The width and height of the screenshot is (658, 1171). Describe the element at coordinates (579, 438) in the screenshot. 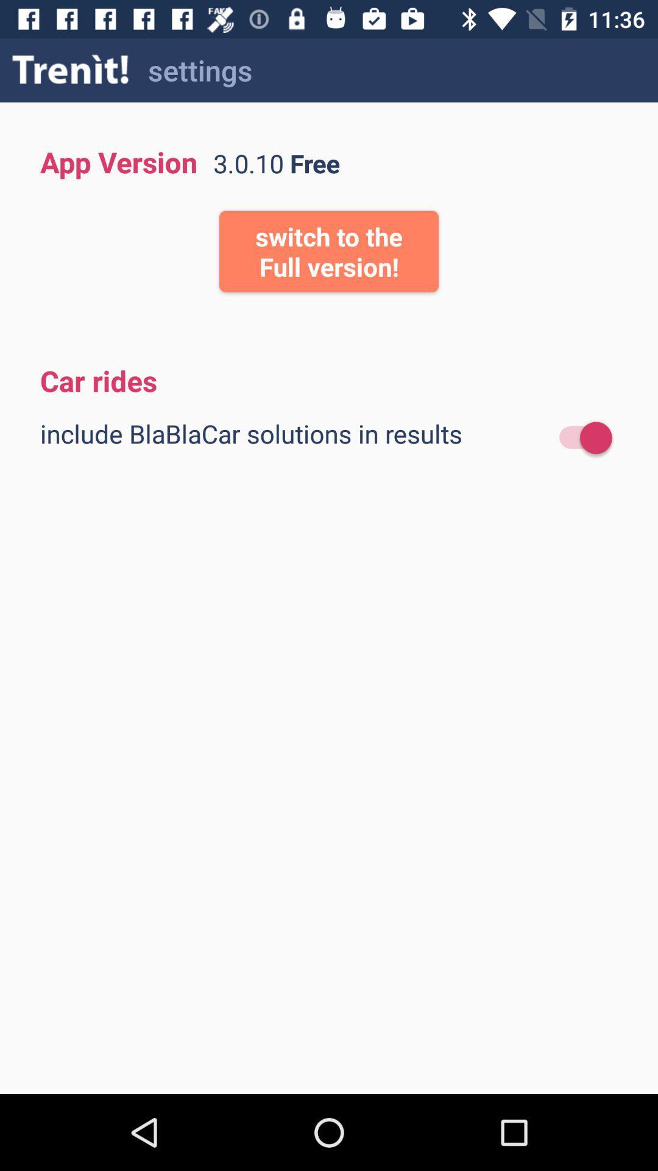

I see `switch to filter` at that location.